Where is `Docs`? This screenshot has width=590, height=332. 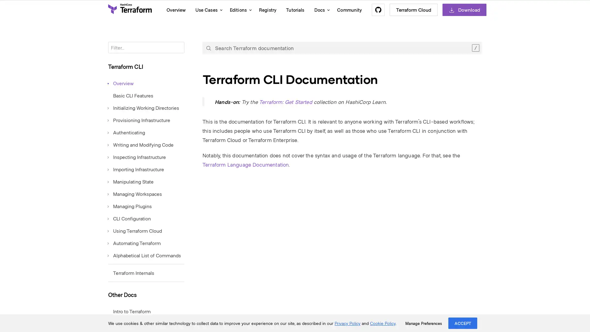
Docs is located at coordinates (320, 10).